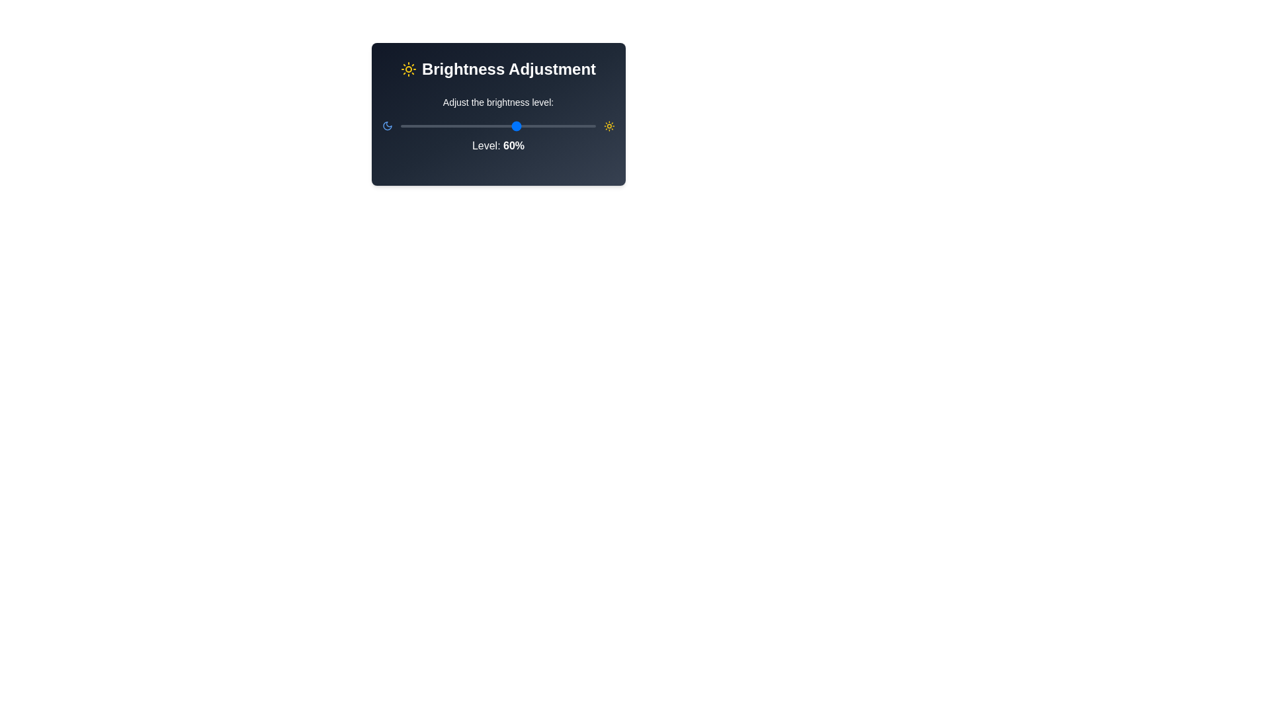  I want to click on the text element displaying '60%' which indicates the brightness level, prominently shown in white bold font against a dark background, so click(513, 145).